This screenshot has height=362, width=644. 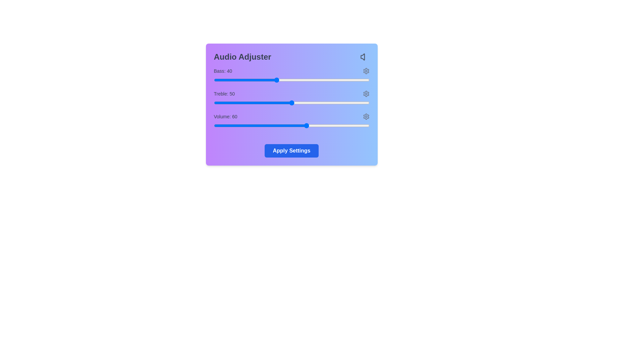 What do you see at coordinates (280, 77) in the screenshot?
I see `bass` at bounding box center [280, 77].